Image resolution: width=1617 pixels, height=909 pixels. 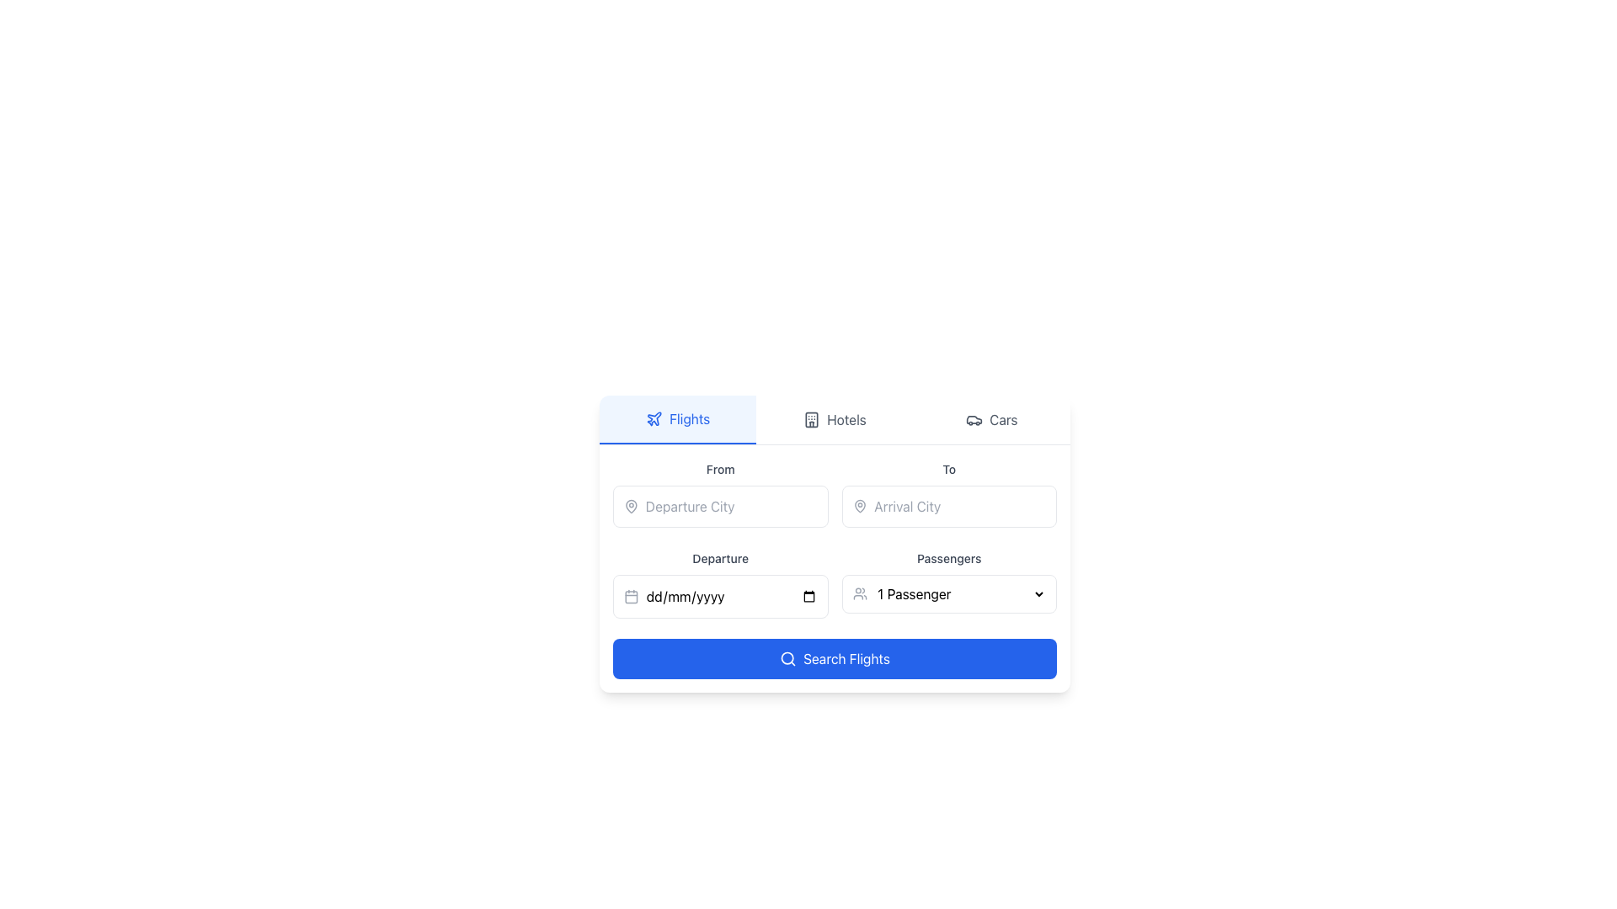 What do you see at coordinates (846, 418) in the screenshot?
I see `the 'Hotels' text label located centrally within the navigation bar, between 'Flights' and 'Cars'` at bounding box center [846, 418].